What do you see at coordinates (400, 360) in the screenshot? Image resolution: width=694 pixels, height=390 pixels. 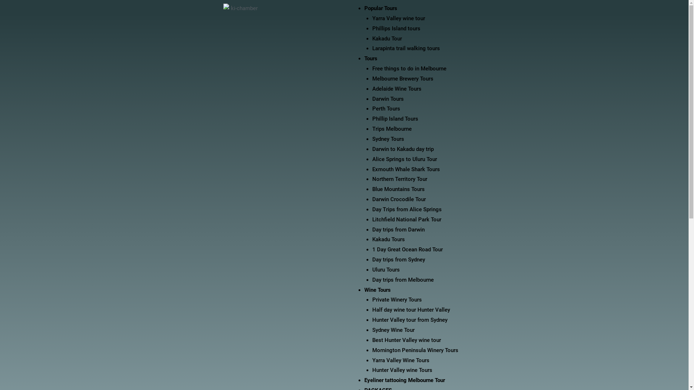 I see `'Yarra Valley Wine Tours'` at bounding box center [400, 360].